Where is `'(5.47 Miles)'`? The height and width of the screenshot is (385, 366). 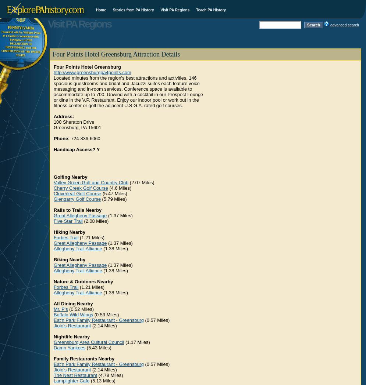 '(5.47 Miles)' is located at coordinates (114, 193).